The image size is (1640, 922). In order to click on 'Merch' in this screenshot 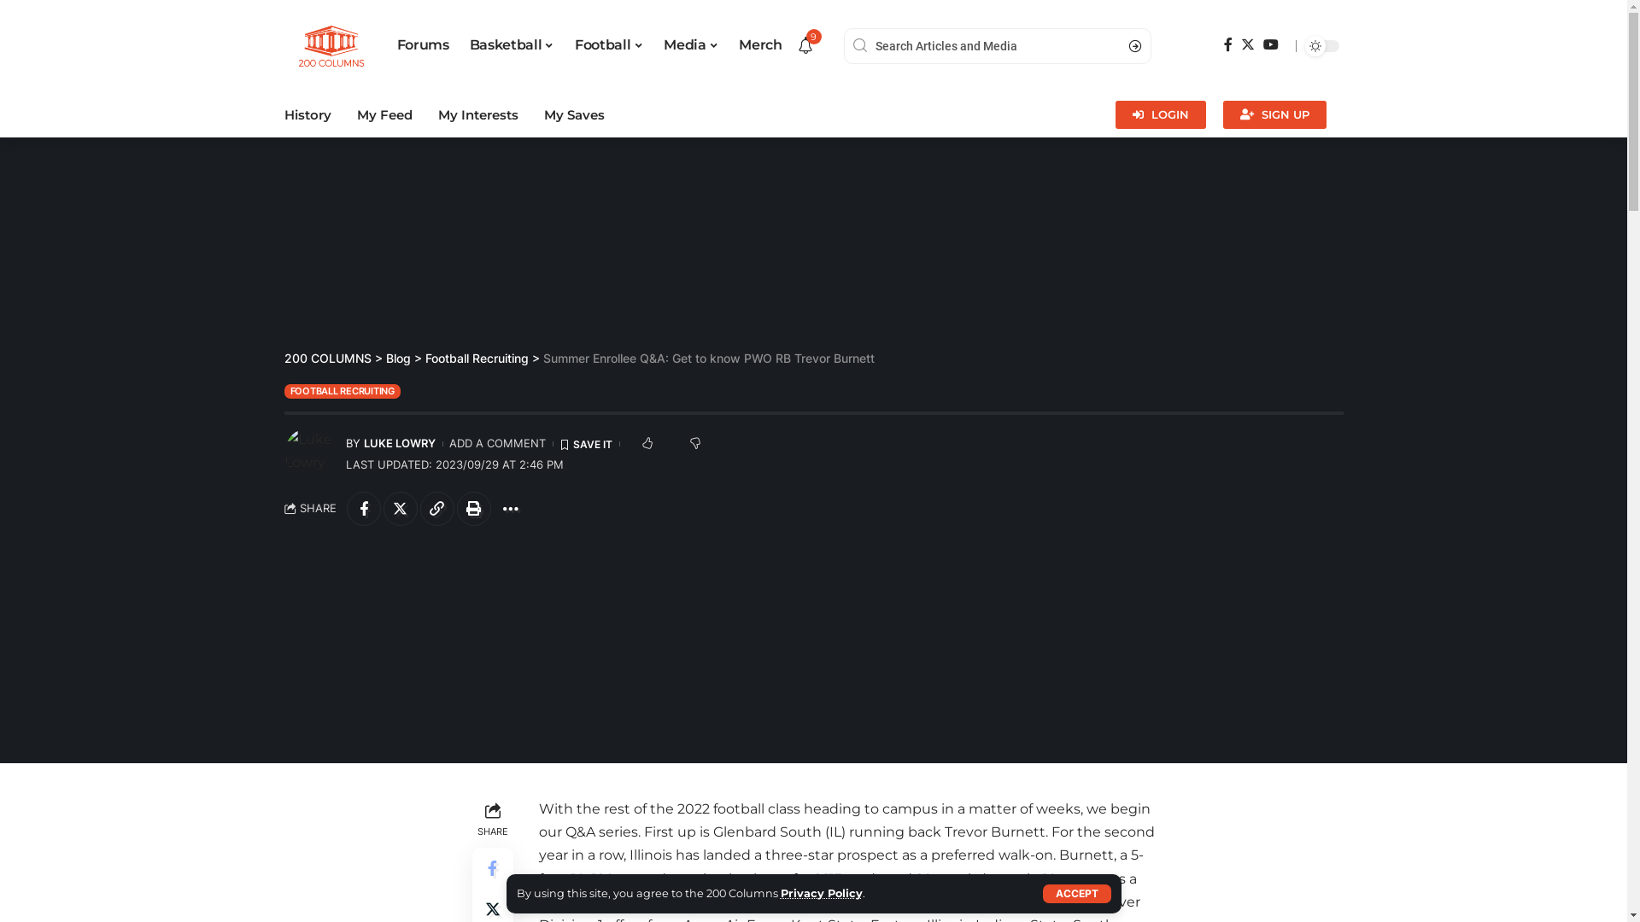, I will do `click(729, 45)`.